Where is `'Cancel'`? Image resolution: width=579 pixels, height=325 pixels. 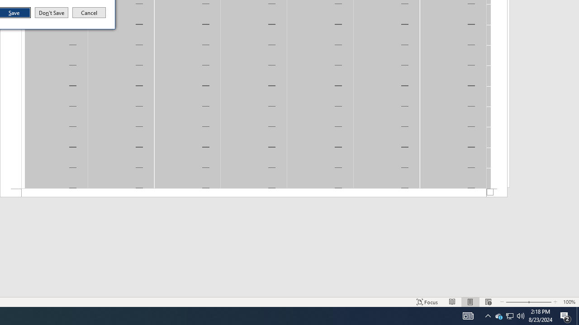 'Cancel' is located at coordinates (89, 13).